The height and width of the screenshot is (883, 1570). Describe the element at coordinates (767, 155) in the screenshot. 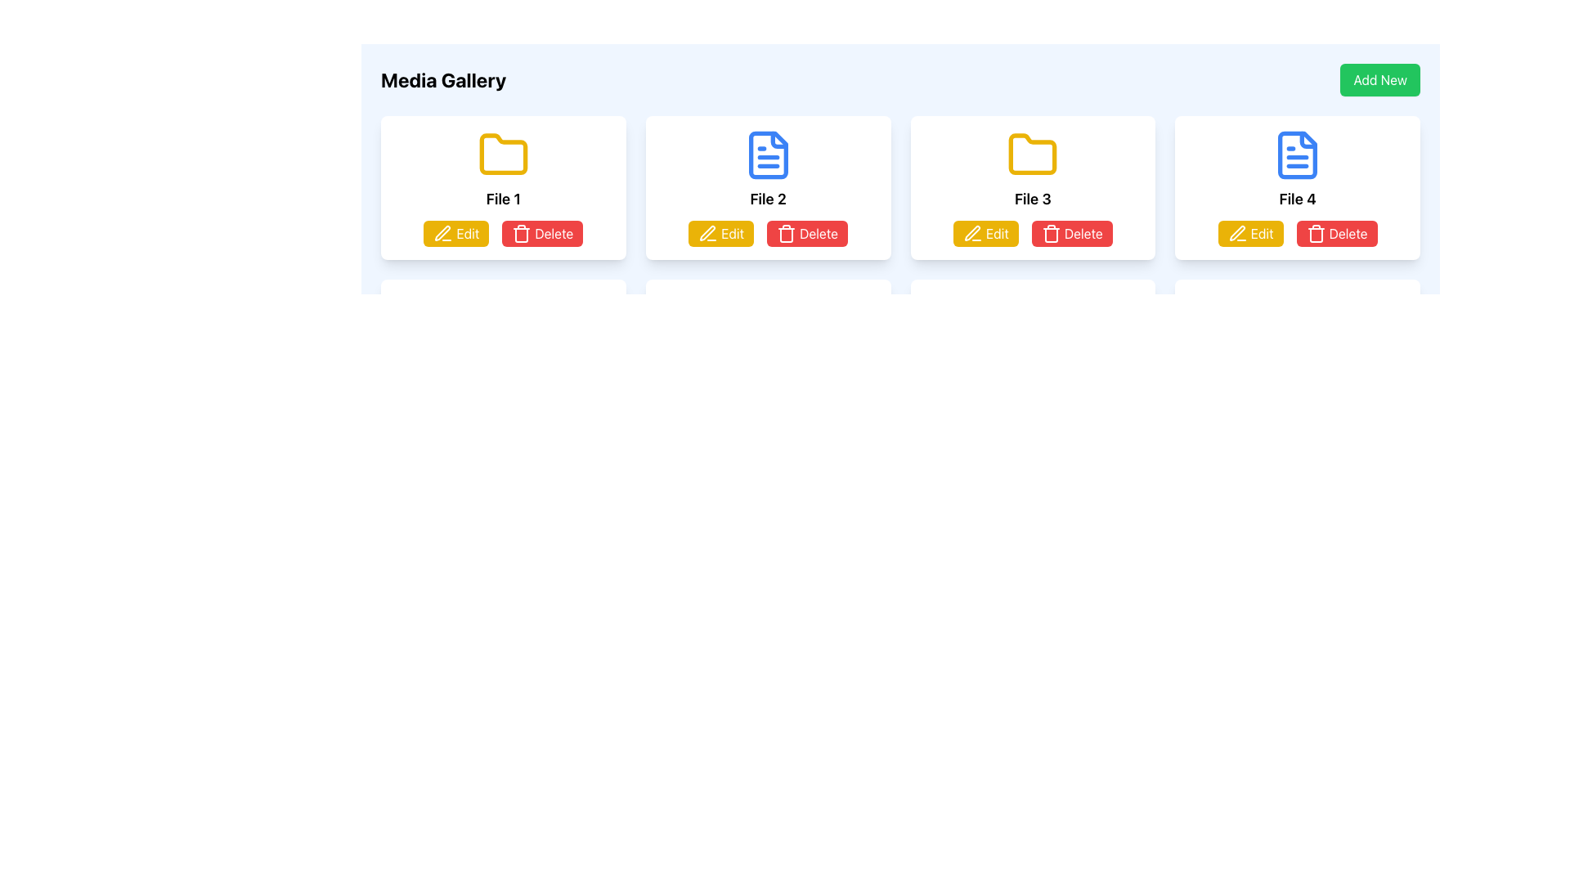

I see `the icon representing the 'File 2' card located centrally at the top of the card` at that location.